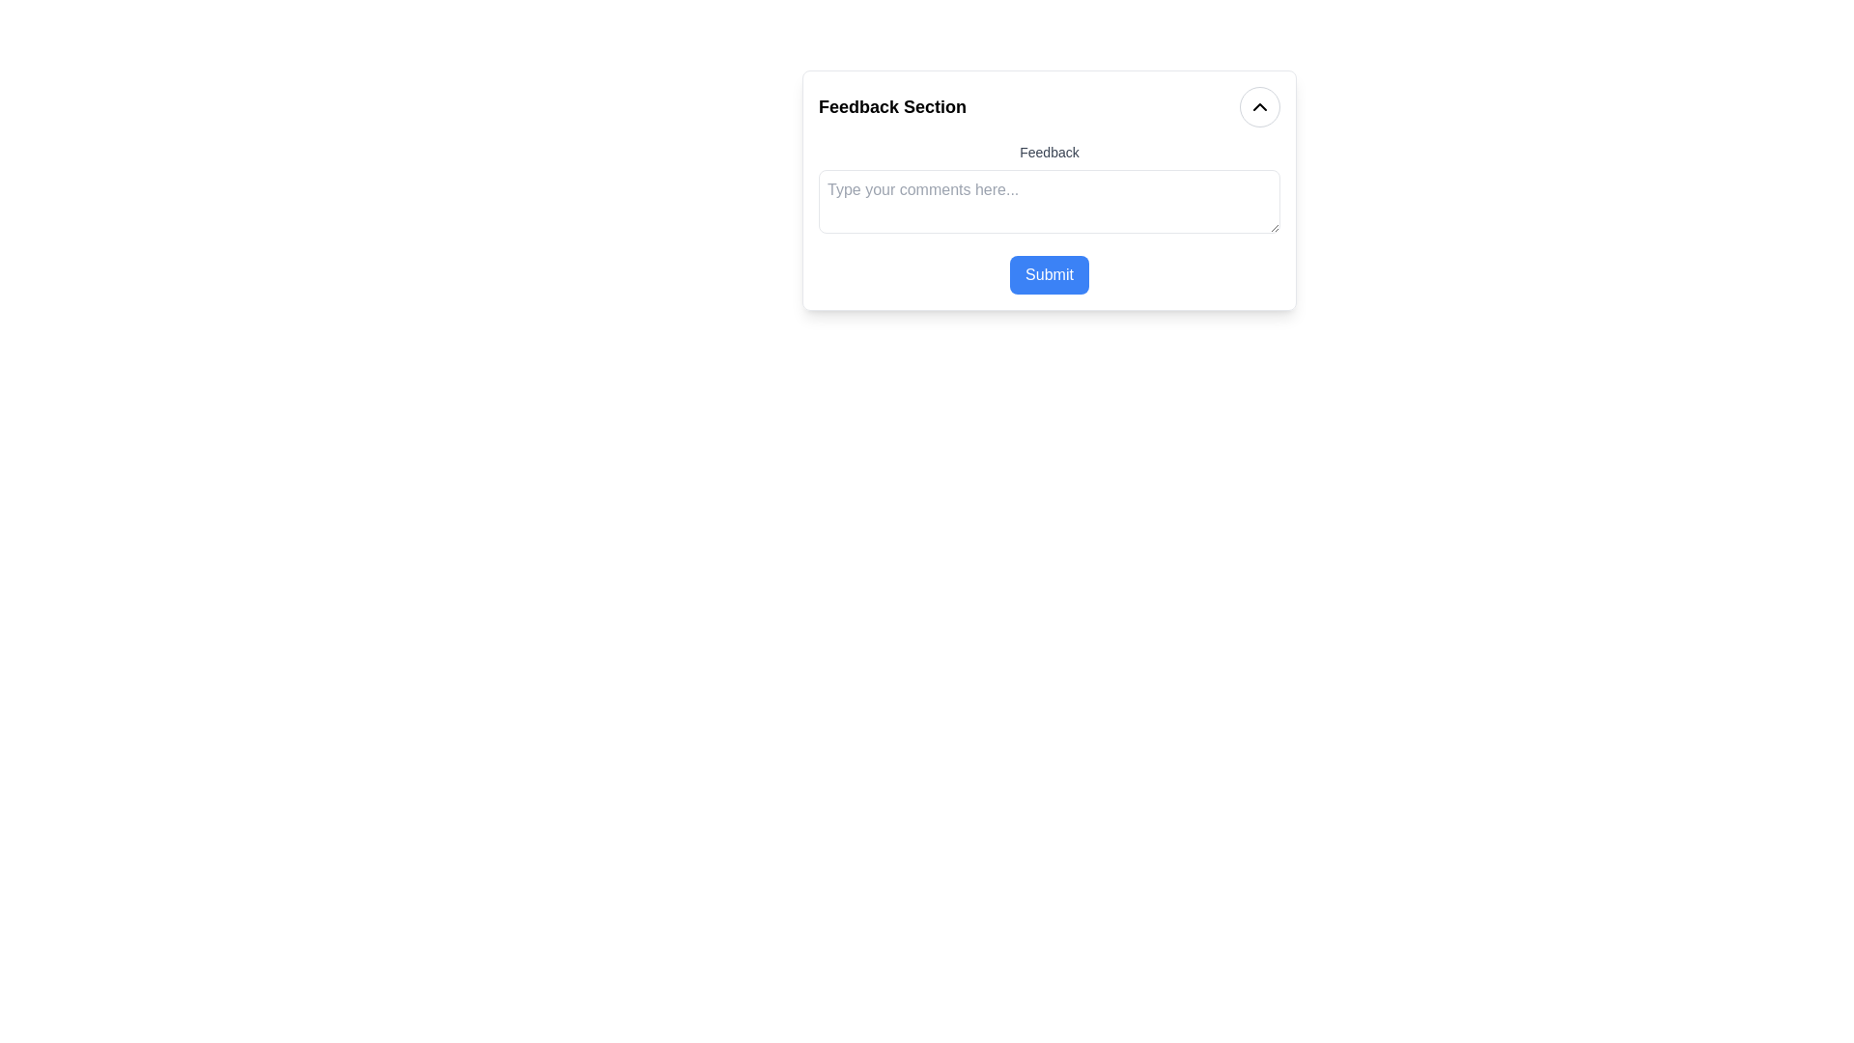  I want to click on the 'Feedback' label, which is a medium-sized gray textual label displayed in a block format, located at the top of the Feedback section above the comment input field, so click(1048, 152).